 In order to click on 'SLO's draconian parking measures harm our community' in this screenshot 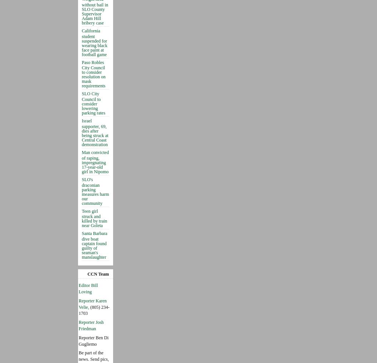, I will do `click(95, 191)`.